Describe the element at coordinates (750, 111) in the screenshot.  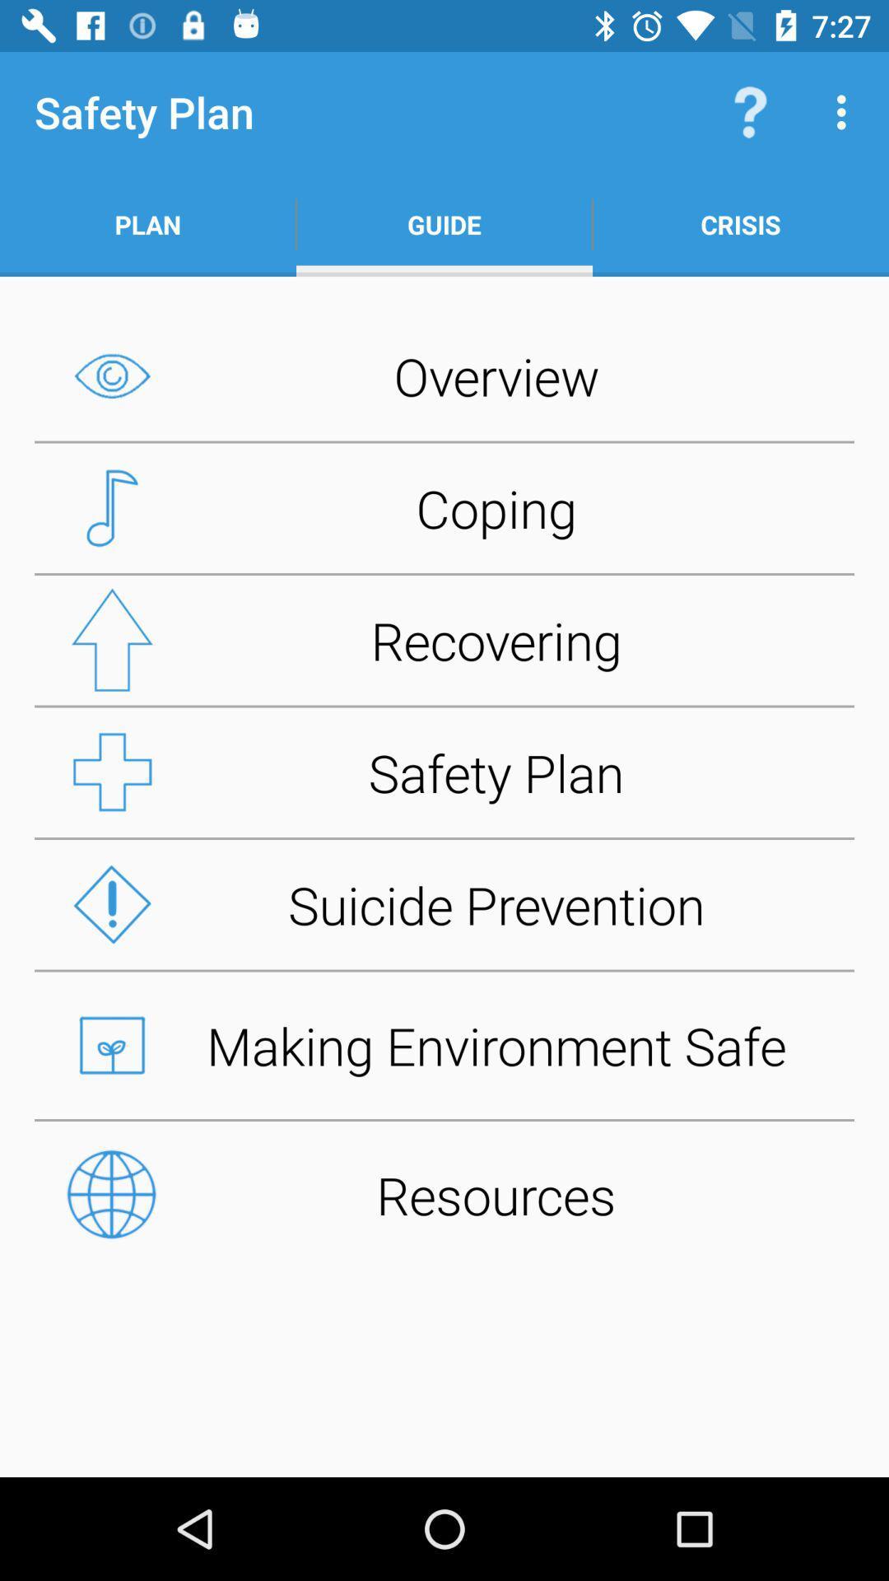
I see `the icon above the crisis item` at that location.